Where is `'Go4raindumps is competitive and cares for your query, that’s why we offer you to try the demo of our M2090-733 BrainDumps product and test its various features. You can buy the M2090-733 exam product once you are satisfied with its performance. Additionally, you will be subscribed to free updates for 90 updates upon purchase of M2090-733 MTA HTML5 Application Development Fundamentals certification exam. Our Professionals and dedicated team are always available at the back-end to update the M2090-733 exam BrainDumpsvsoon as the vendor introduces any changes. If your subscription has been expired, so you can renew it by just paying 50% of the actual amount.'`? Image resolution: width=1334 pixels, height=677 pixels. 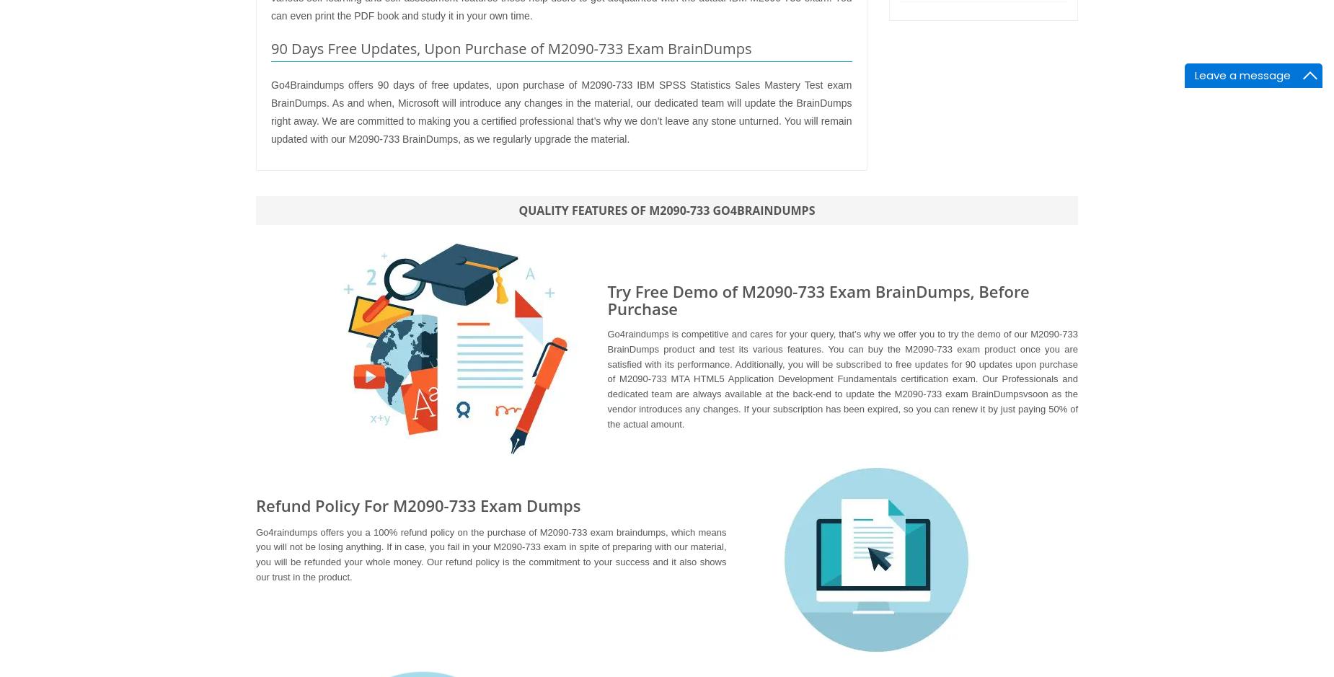
'Go4raindumps is competitive and cares for your query, that’s why we offer you to try the demo of our M2090-733 BrainDumps product and test its various features. You can buy the M2090-733 exam product once you are satisfied with its performance. Additionally, you will be subscribed to free updates for 90 updates upon purchase of M2090-733 MTA HTML5 Application Development Fundamentals certification exam. Our Professionals and dedicated team are always available at the back-end to update the M2090-733 exam BrainDumpsvsoon as the vendor introduces any changes. If your subscription has been expired, so you can renew it by just paying 50% of the actual amount.' is located at coordinates (842, 379).